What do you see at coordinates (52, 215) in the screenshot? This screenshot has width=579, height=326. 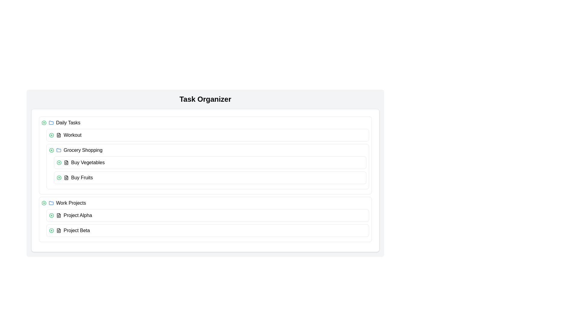 I see `the circular plus icon with a green outline associated with 'Project Alpha' under the 'Work Projects' category` at bounding box center [52, 215].